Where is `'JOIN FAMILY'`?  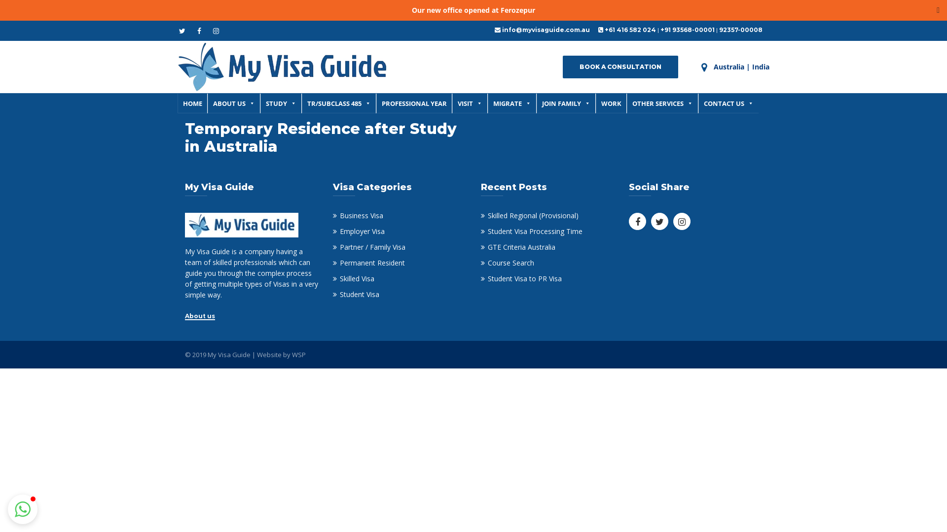
'JOIN FAMILY' is located at coordinates (566, 103).